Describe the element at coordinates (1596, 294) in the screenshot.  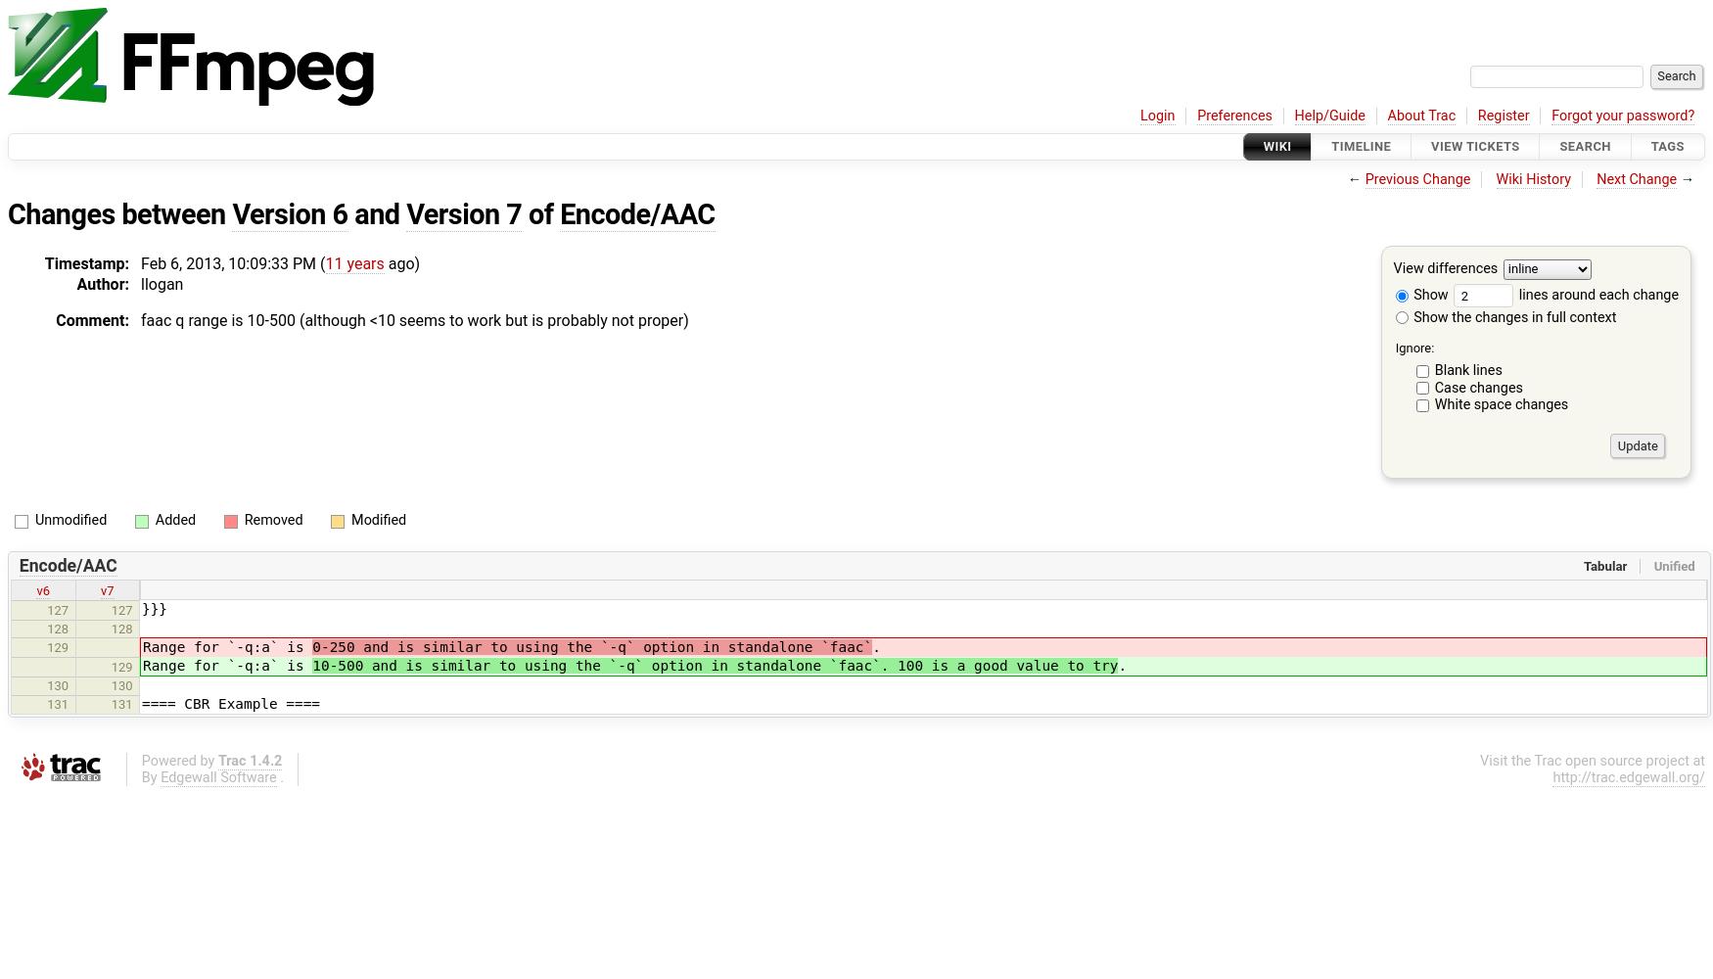
I see `'lines around each change'` at that location.